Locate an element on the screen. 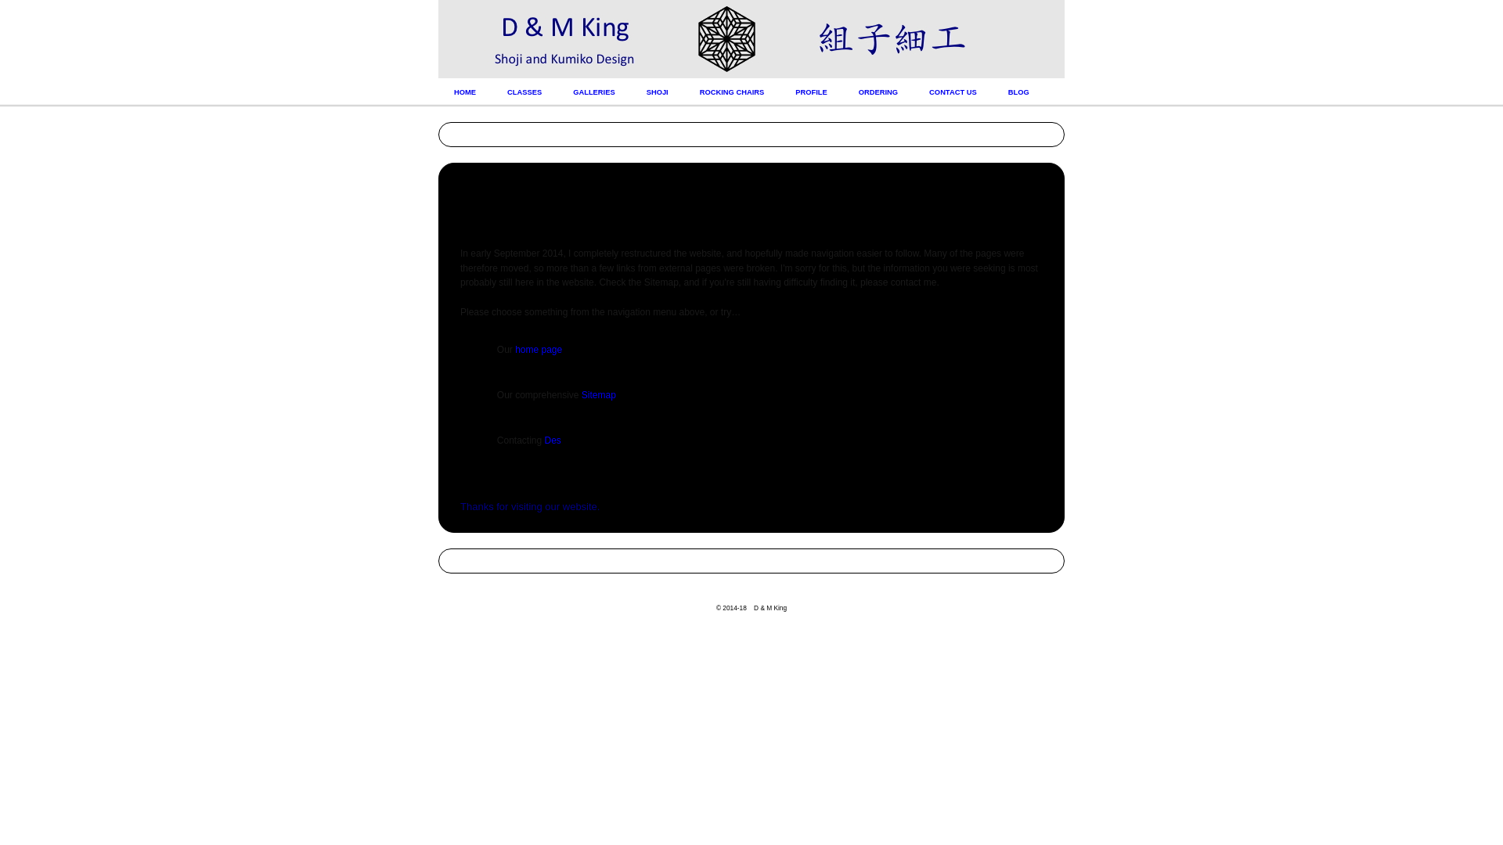 Image resolution: width=1503 pixels, height=845 pixels. 'Sitemap' is located at coordinates (597, 394).